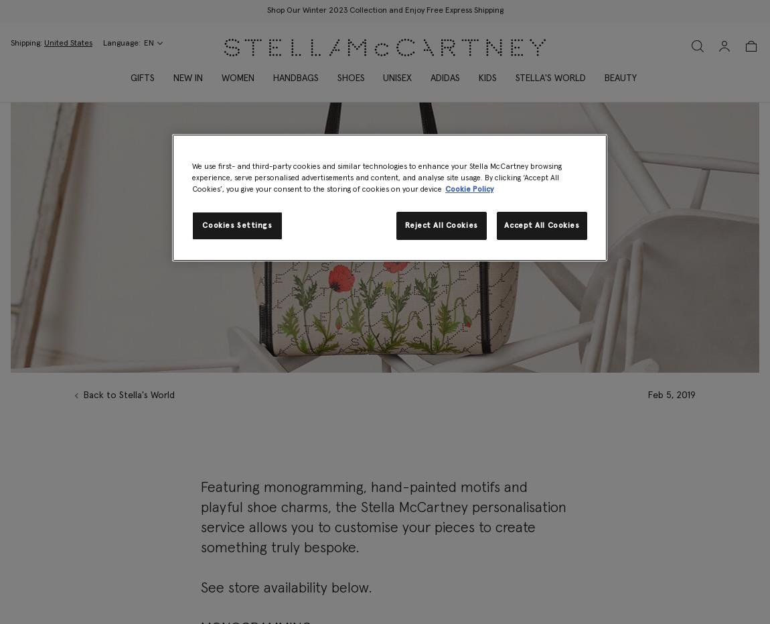  Describe the element at coordinates (385, 223) in the screenshot. I see `'Make it personal with the Stella personalisation service'` at that location.